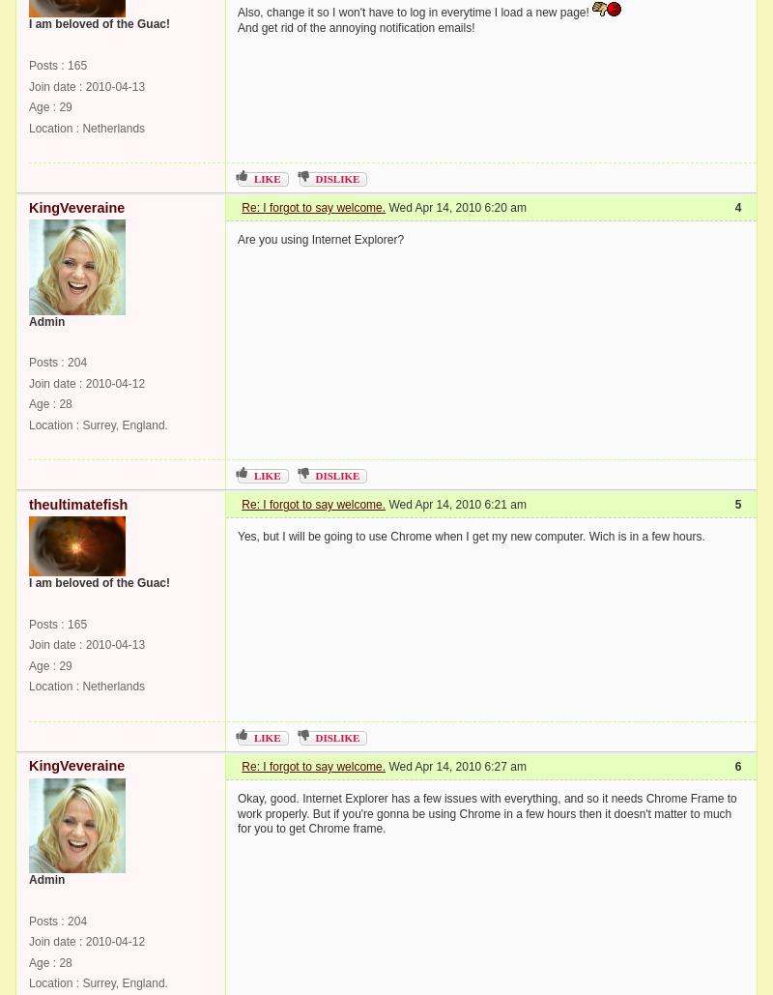 This screenshot has width=773, height=995. I want to click on 'Wed Apr 14, 2010 6:20 am', so click(455, 207).